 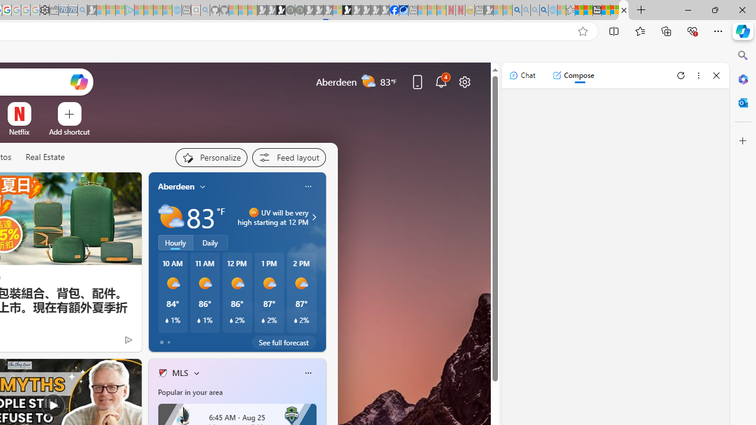 I want to click on 'Chat', so click(x=522, y=76).